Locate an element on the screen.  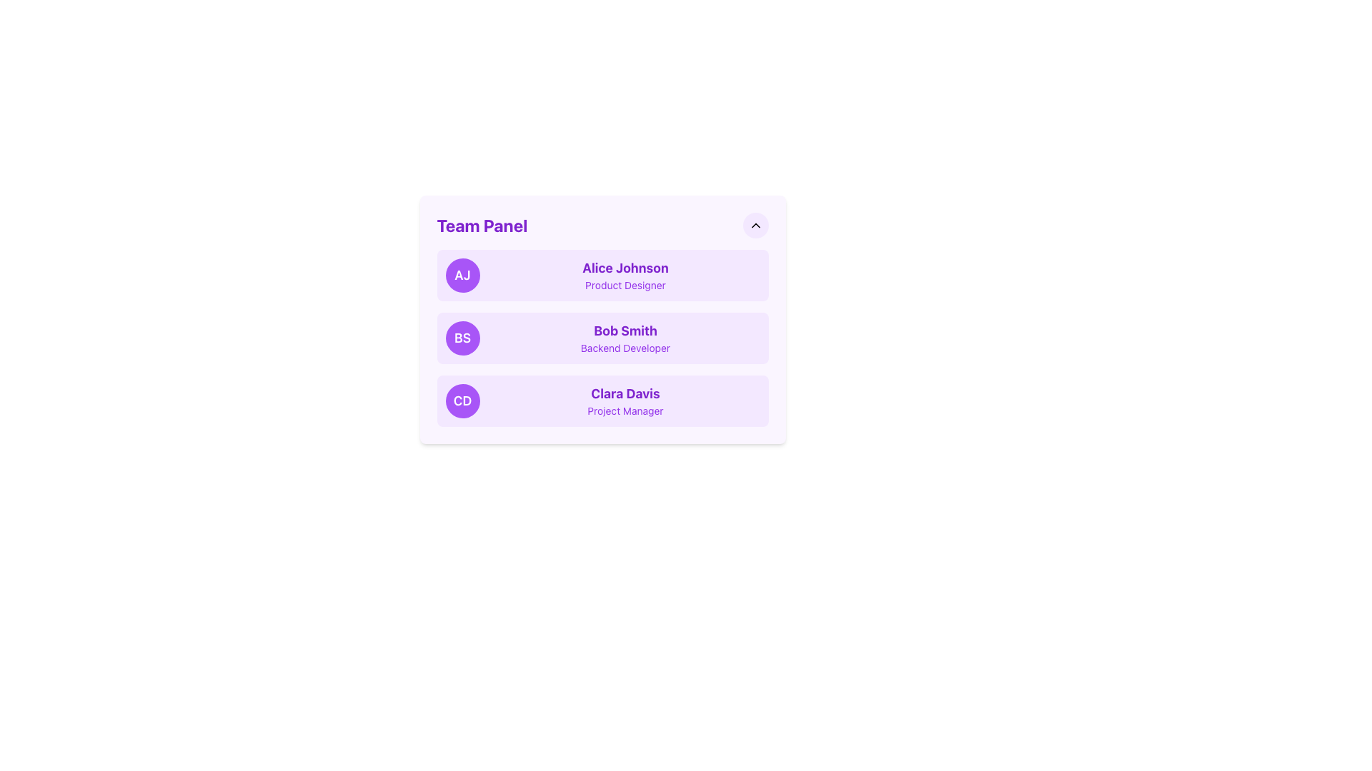
the circular button with a black upward arrow icon located in the top-right corner of the 'Team Panel' is located at coordinates (755, 225).